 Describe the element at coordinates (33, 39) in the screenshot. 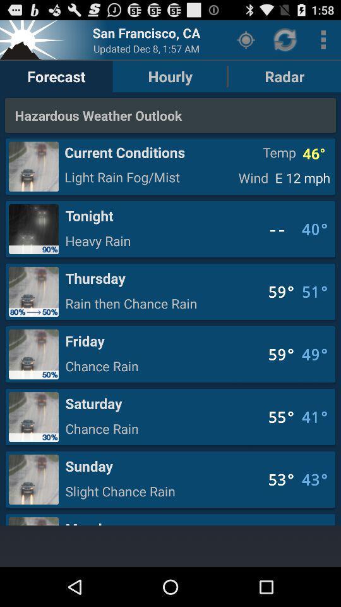

I see `weather logo` at that location.